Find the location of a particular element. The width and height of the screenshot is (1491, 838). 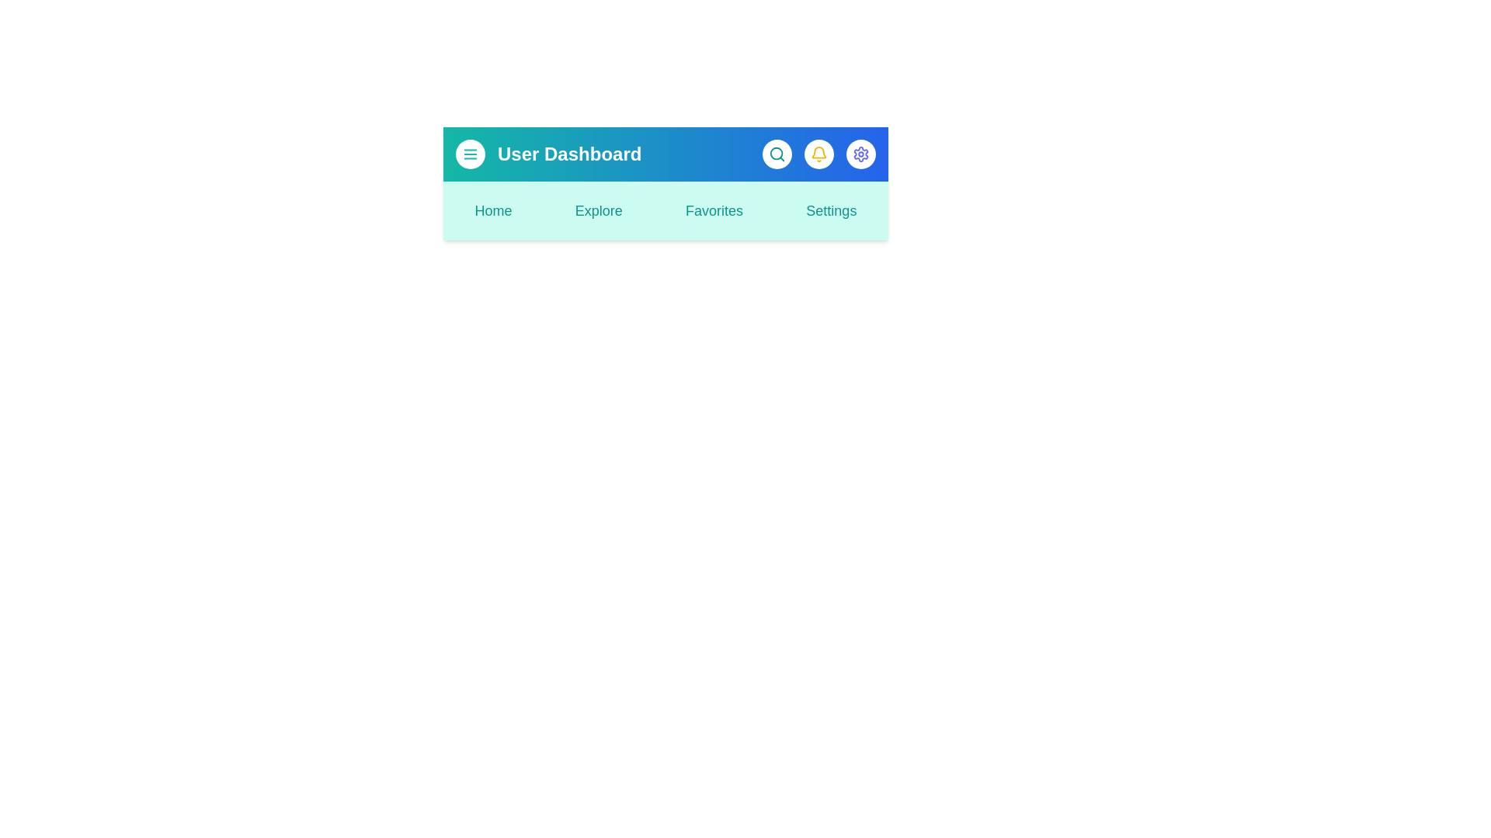

settings button to open the settings is located at coordinates (860, 154).